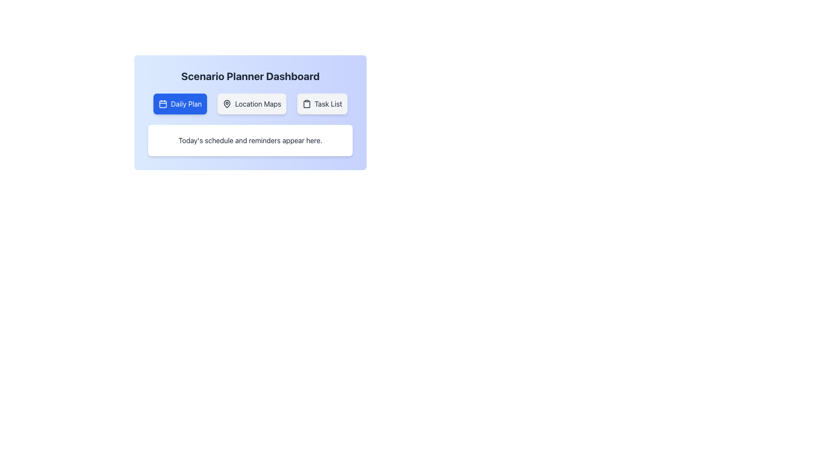 The width and height of the screenshot is (837, 470). Describe the element at coordinates (227, 104) in the screenshot. I see `the pin icon, which is a minimalistic SVG graphic with a dark stroke outline, located within the 'Location Maps' button on the dashboard` at that location.